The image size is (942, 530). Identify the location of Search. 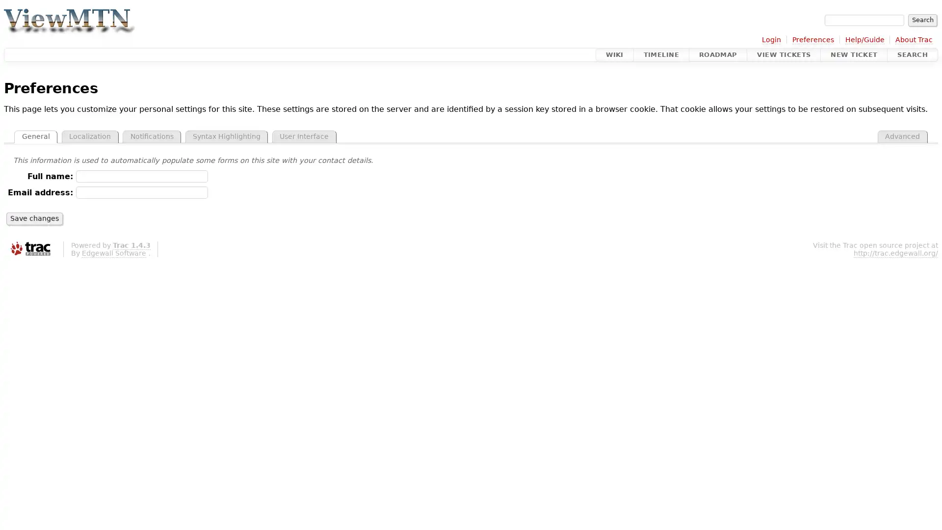
(922, 20).